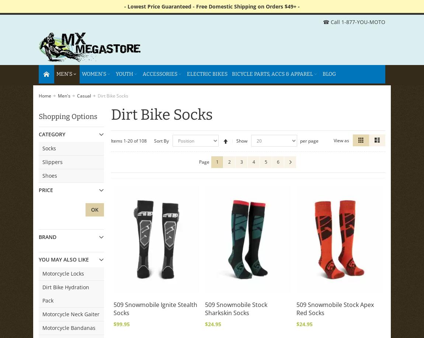  Describe the element at coordinates (93, 74) in the screenshot. I see `'Women's'` at that location.